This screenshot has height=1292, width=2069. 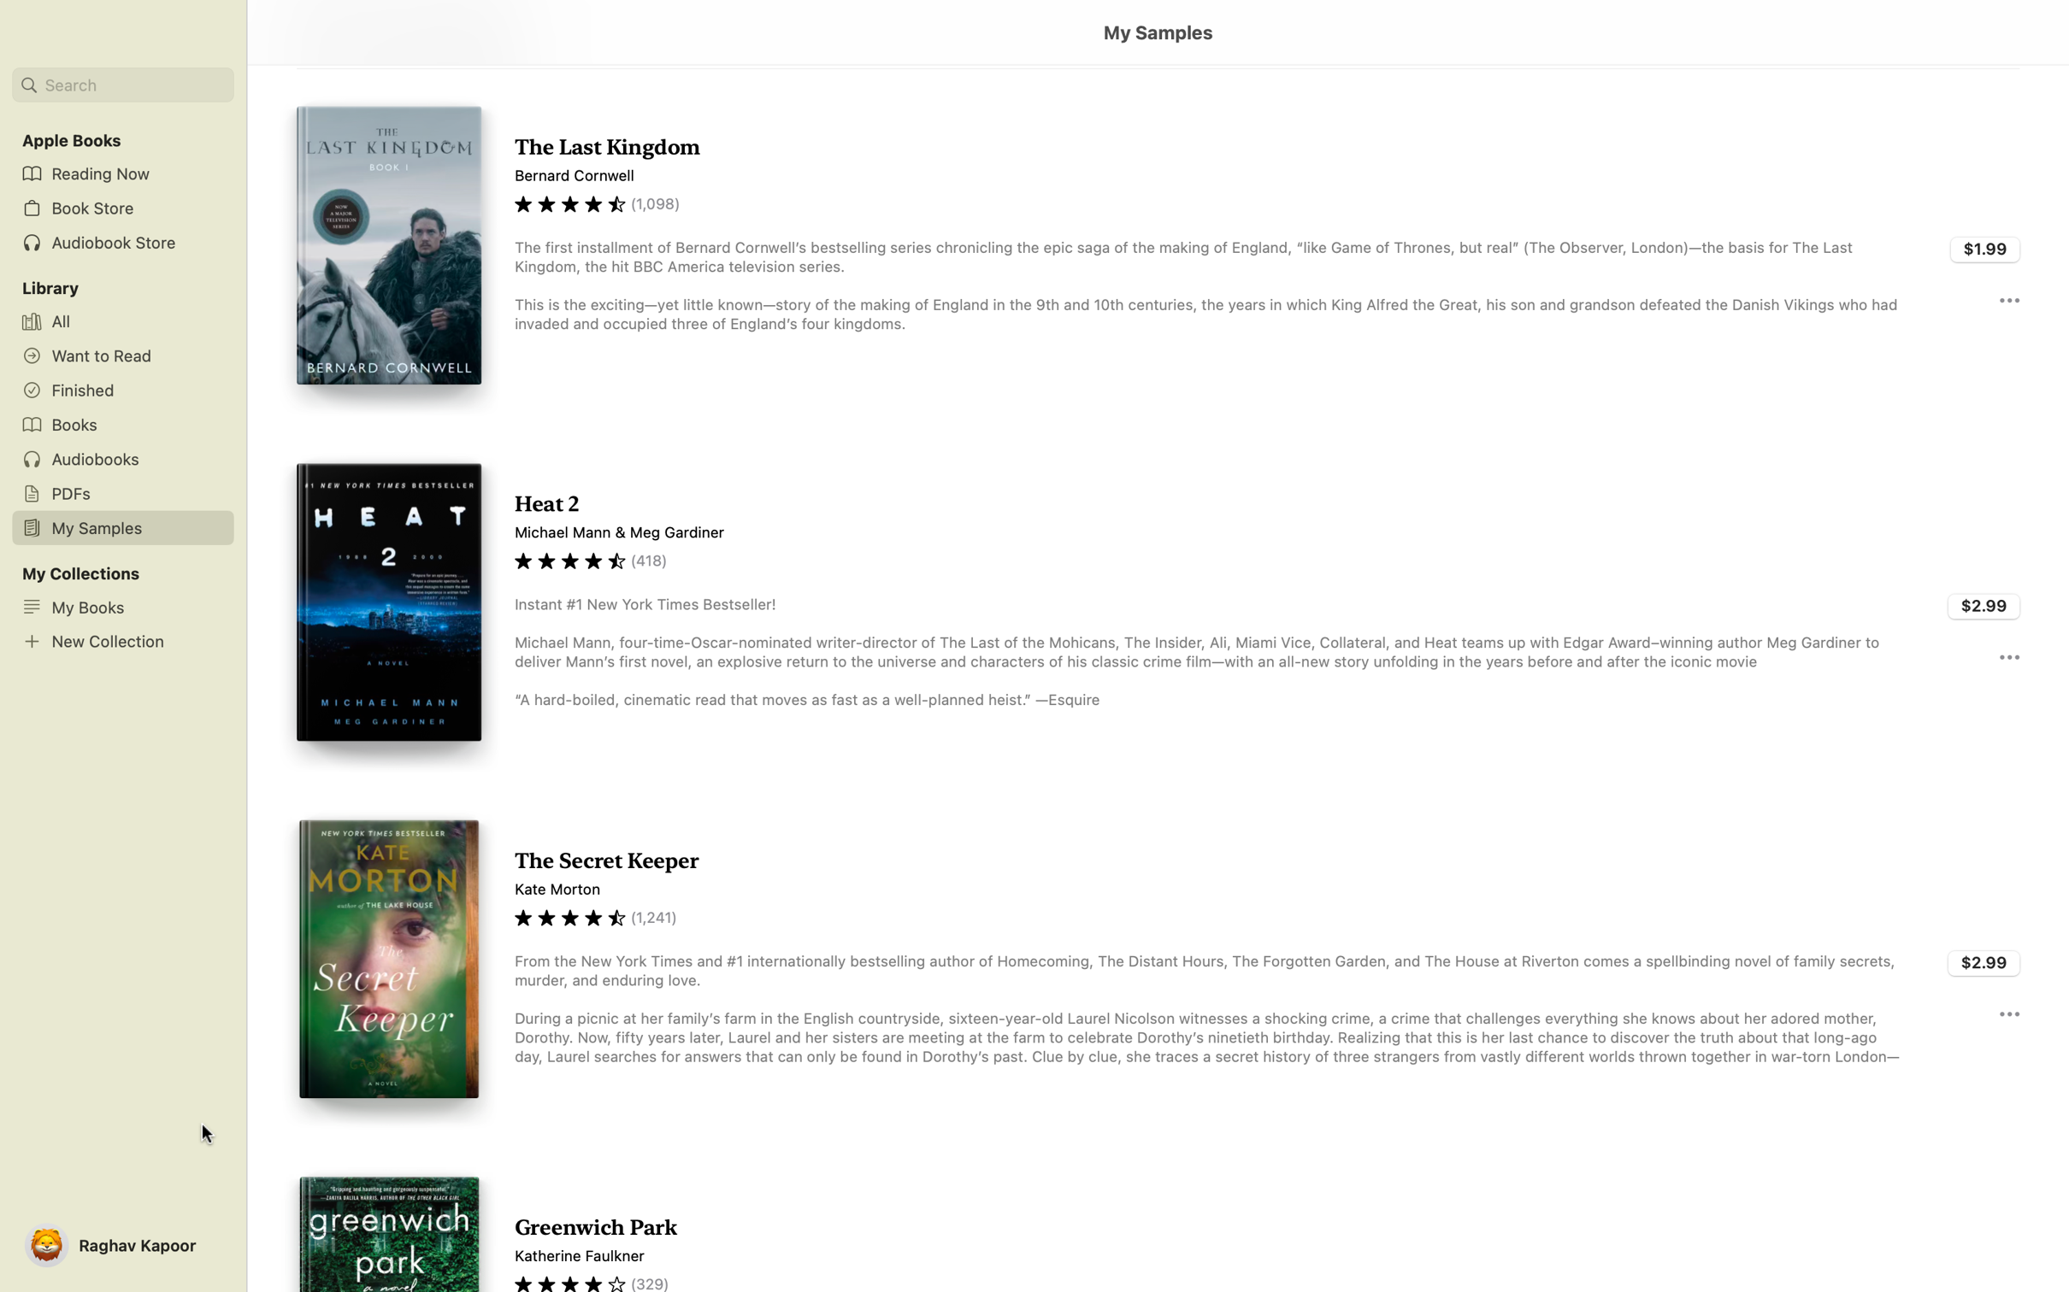 I want to click on Call the "read_heat_2" function with a double click action, so click(x=1157, y=609).